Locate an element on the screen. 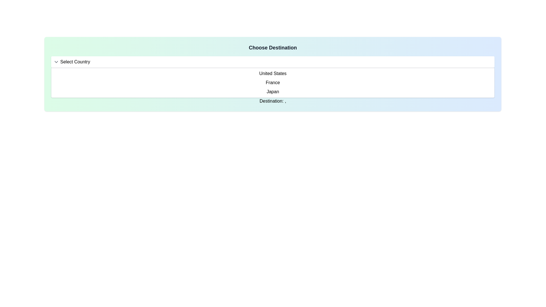 The image size is (546, 307). the downward-pointing gray chevron icon located to the left of the 'Select Country' text is located at coordinates (56, 62).